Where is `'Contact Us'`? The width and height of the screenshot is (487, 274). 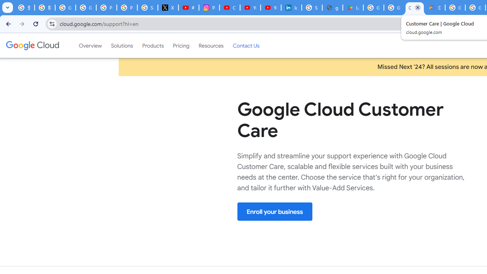 'Contact Us' is located at coordinates (246, 45).